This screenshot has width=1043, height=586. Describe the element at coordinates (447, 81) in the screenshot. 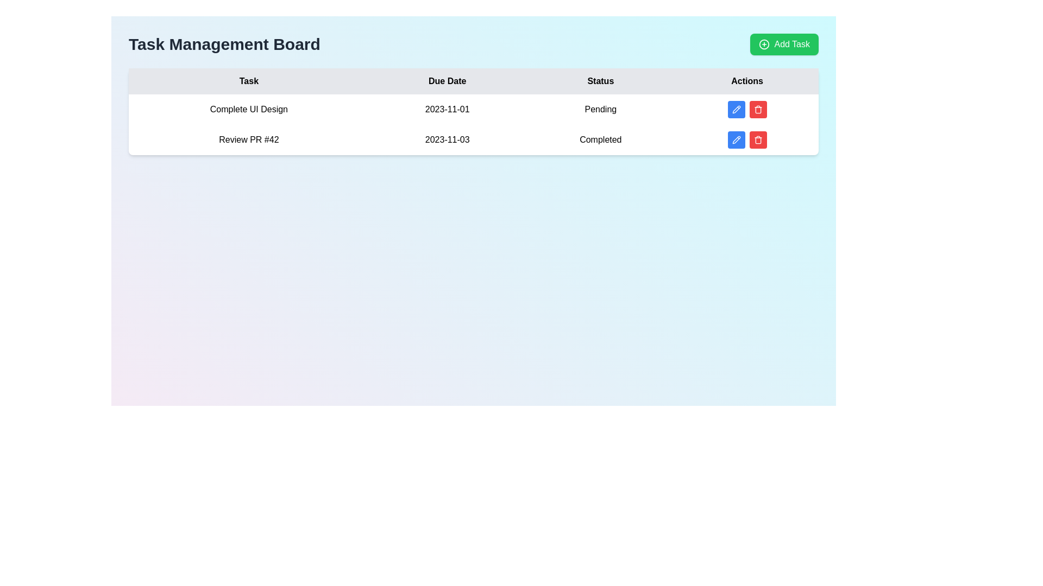

I see `the 'Due Date' table header, which is the second column header in a four-column table` at that location.